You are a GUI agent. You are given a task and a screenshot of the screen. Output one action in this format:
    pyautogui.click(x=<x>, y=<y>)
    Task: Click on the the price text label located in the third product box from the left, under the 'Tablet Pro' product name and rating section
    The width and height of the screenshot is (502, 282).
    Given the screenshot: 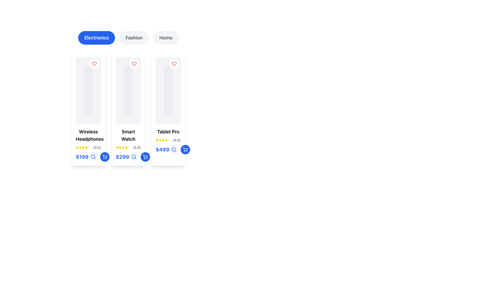 What is the action you would take?
    pyautogui.click(x=162, y=150)
    